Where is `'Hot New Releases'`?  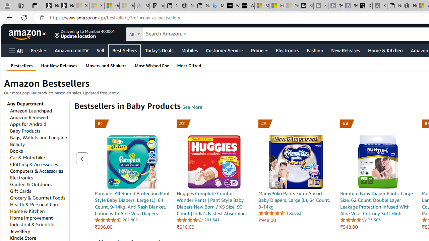 'Hot New Releases' is located at coordinates (59, 66).